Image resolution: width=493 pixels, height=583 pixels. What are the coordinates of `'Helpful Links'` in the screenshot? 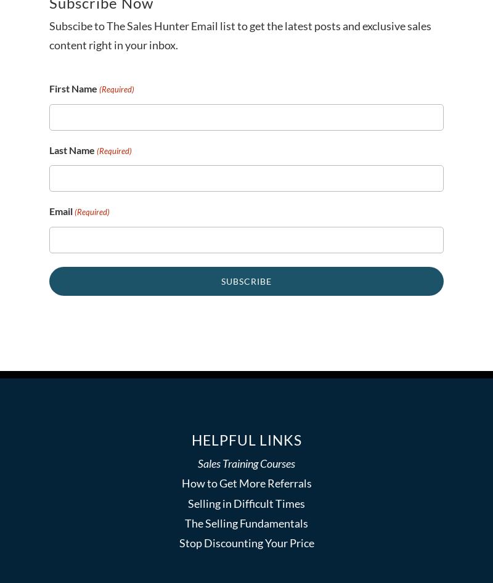 It's located at (245, 439).